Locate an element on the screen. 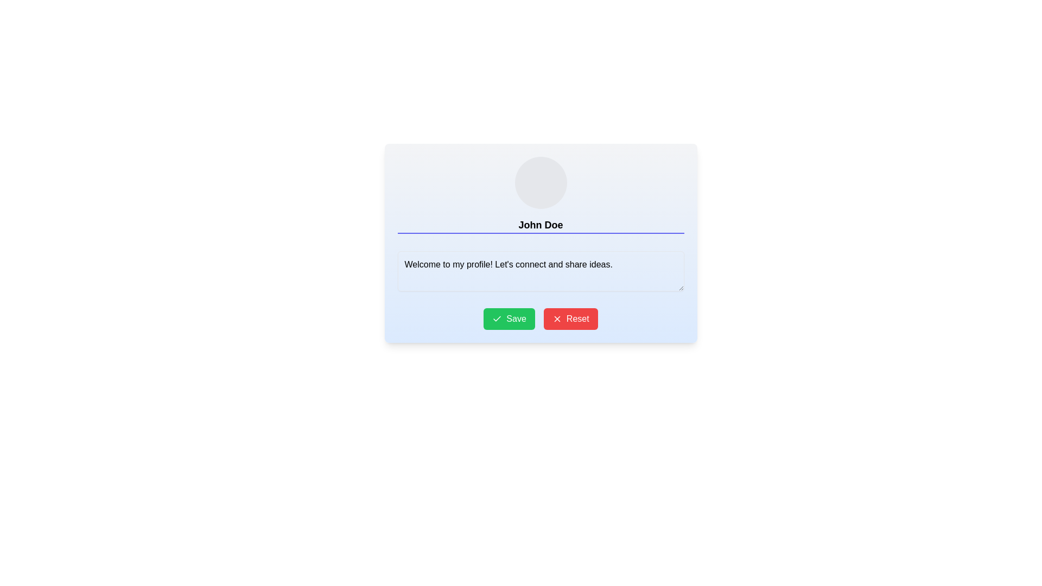 The image size is (1042, 586). the 'Reset' button is located at coordinates (570, 318).